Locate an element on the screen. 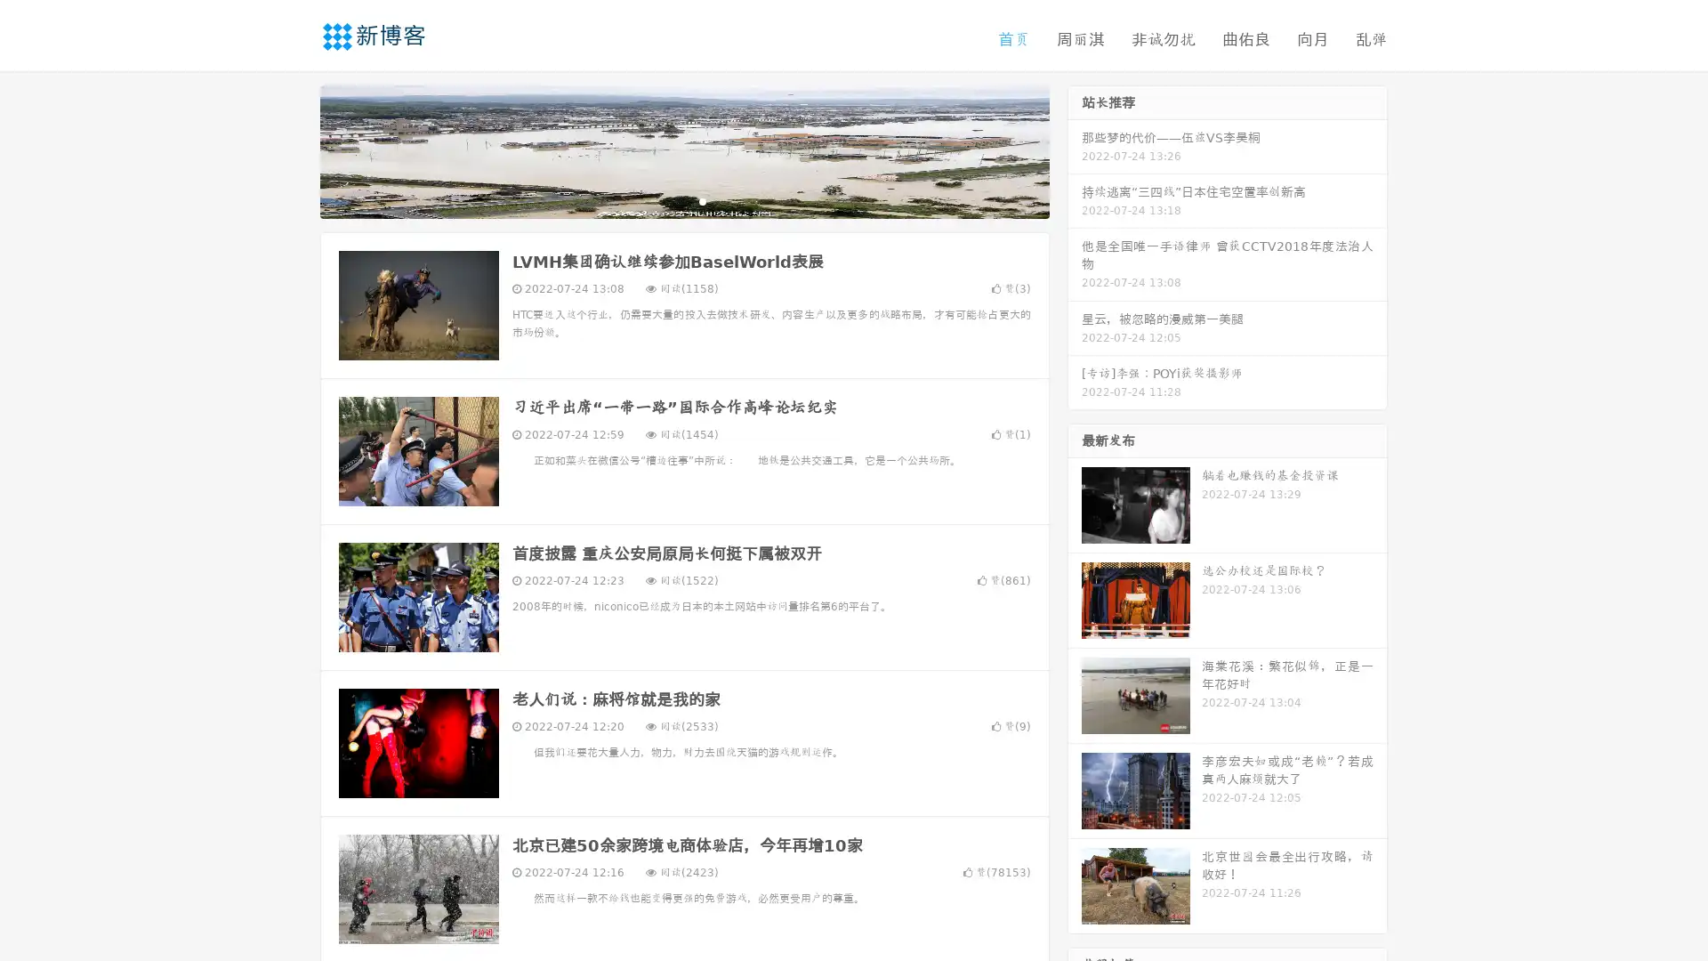  Previous slide is located at coordinates (294, 149).